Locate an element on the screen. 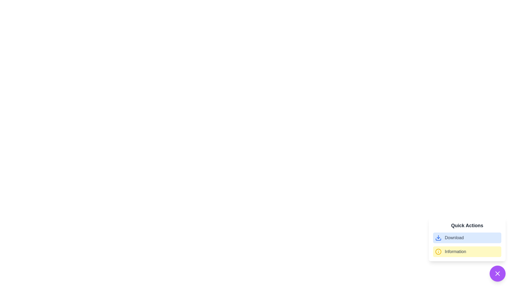 This screenshot has width=512, height=288. the text label that complements the adjacent download icon, which is the second item in the group under the 'Quick Actions' heading is located at coordinates (454, 237).